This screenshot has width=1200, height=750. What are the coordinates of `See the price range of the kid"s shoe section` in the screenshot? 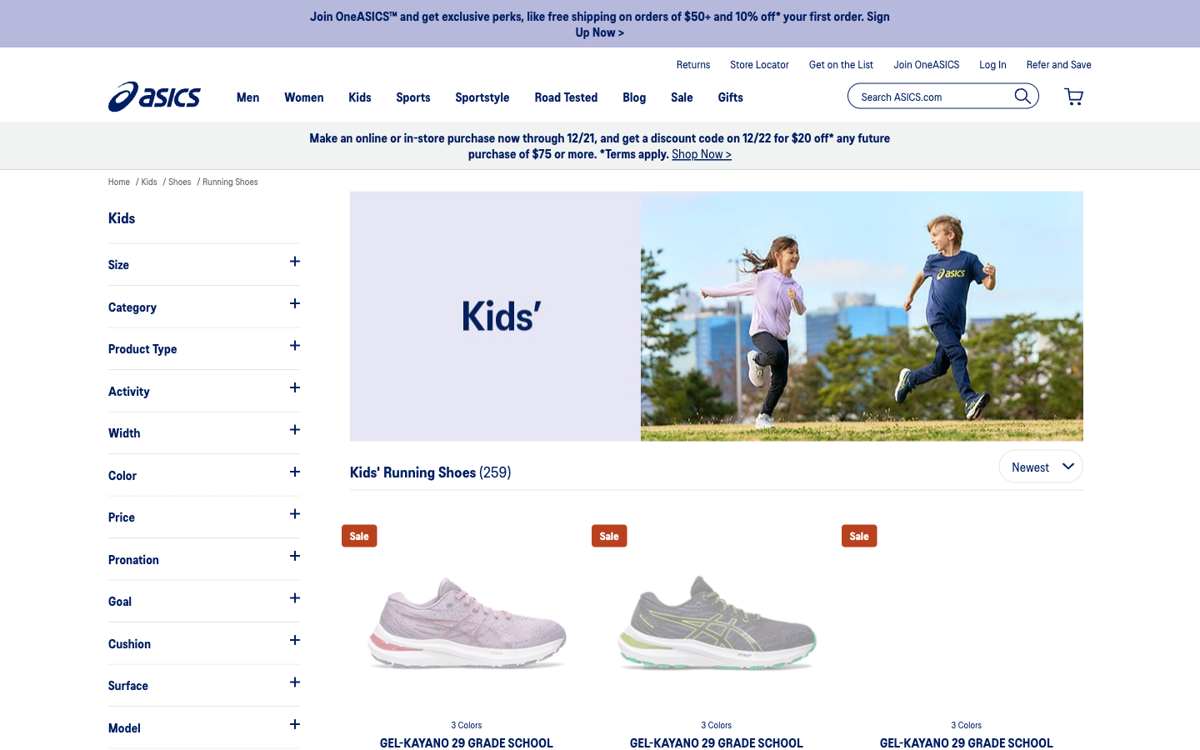 It's located at (202, 517).